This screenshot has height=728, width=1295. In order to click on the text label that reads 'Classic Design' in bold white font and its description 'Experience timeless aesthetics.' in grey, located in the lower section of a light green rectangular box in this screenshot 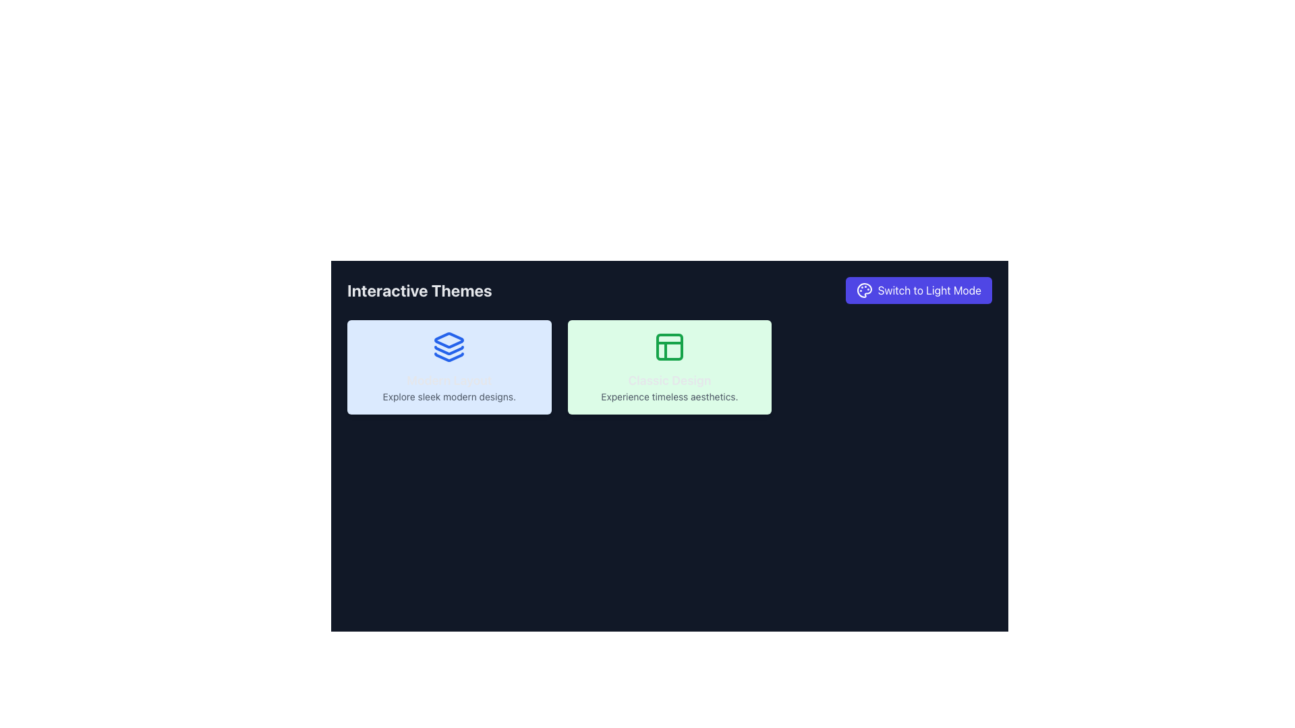, I will do `click(670, 387)`.